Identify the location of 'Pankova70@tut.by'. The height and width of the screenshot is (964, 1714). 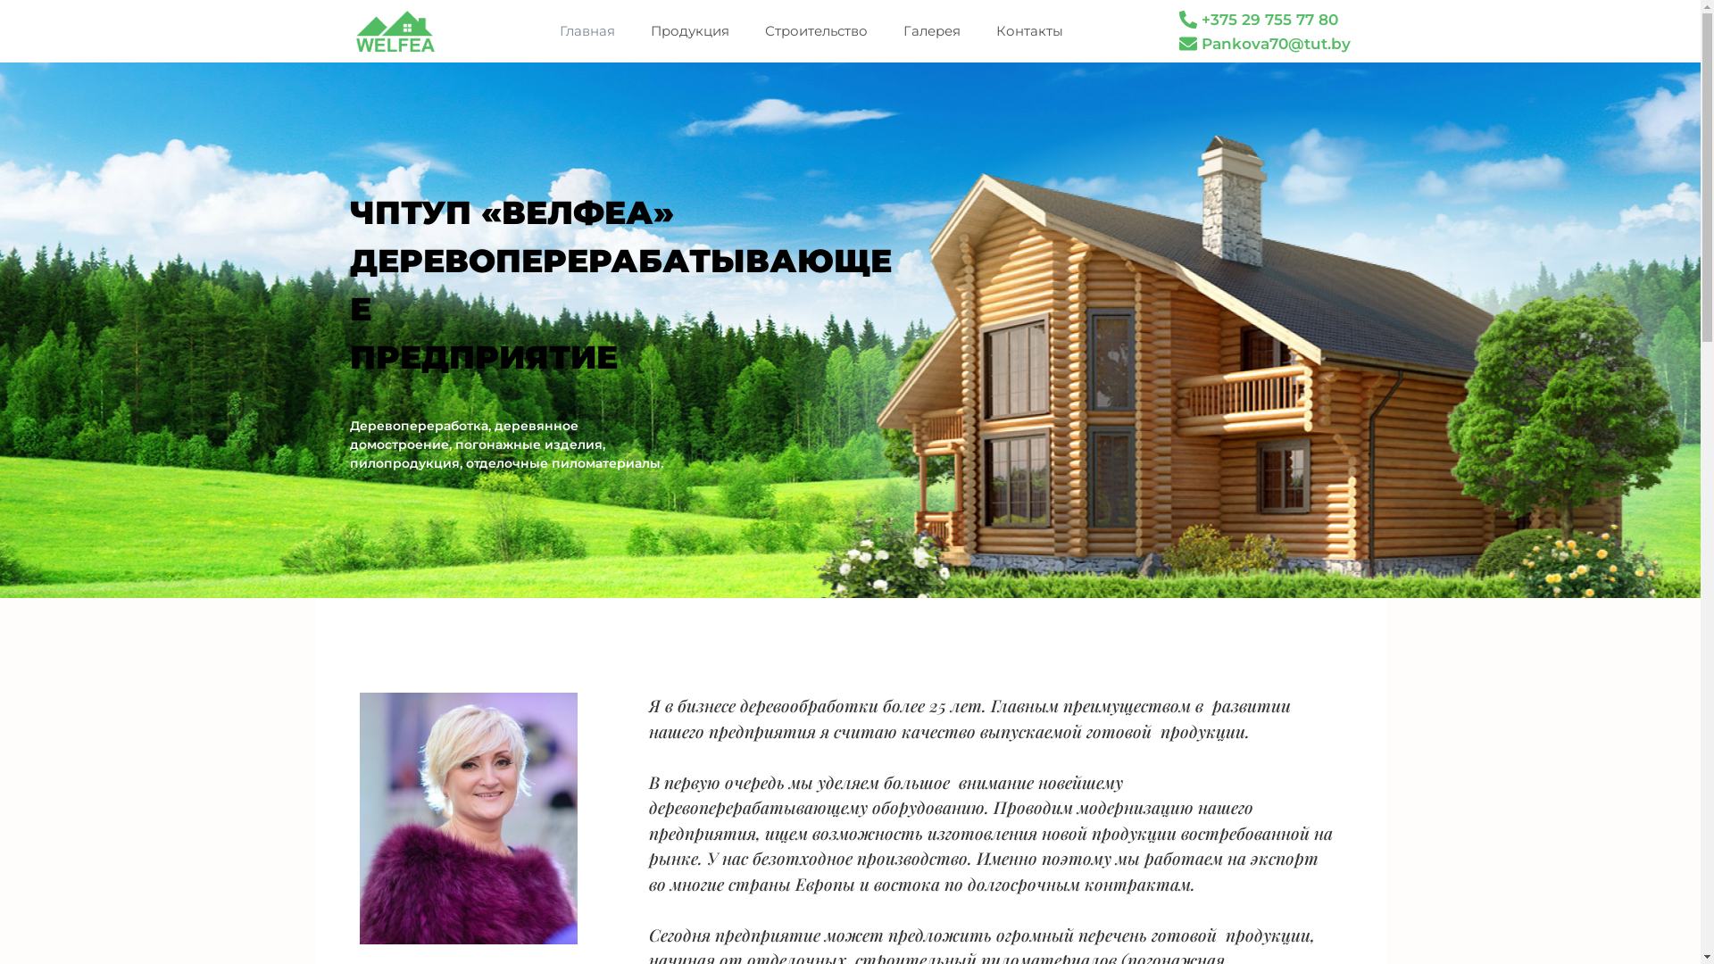
(1266, 43).